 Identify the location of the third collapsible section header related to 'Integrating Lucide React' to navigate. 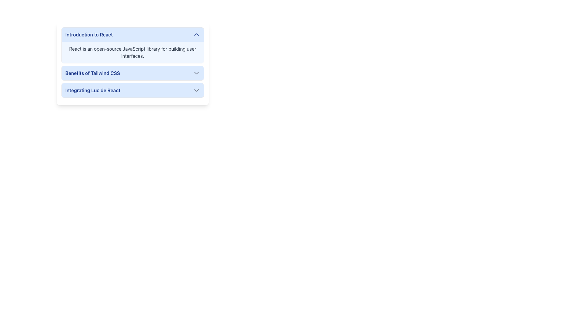
(132, 90).